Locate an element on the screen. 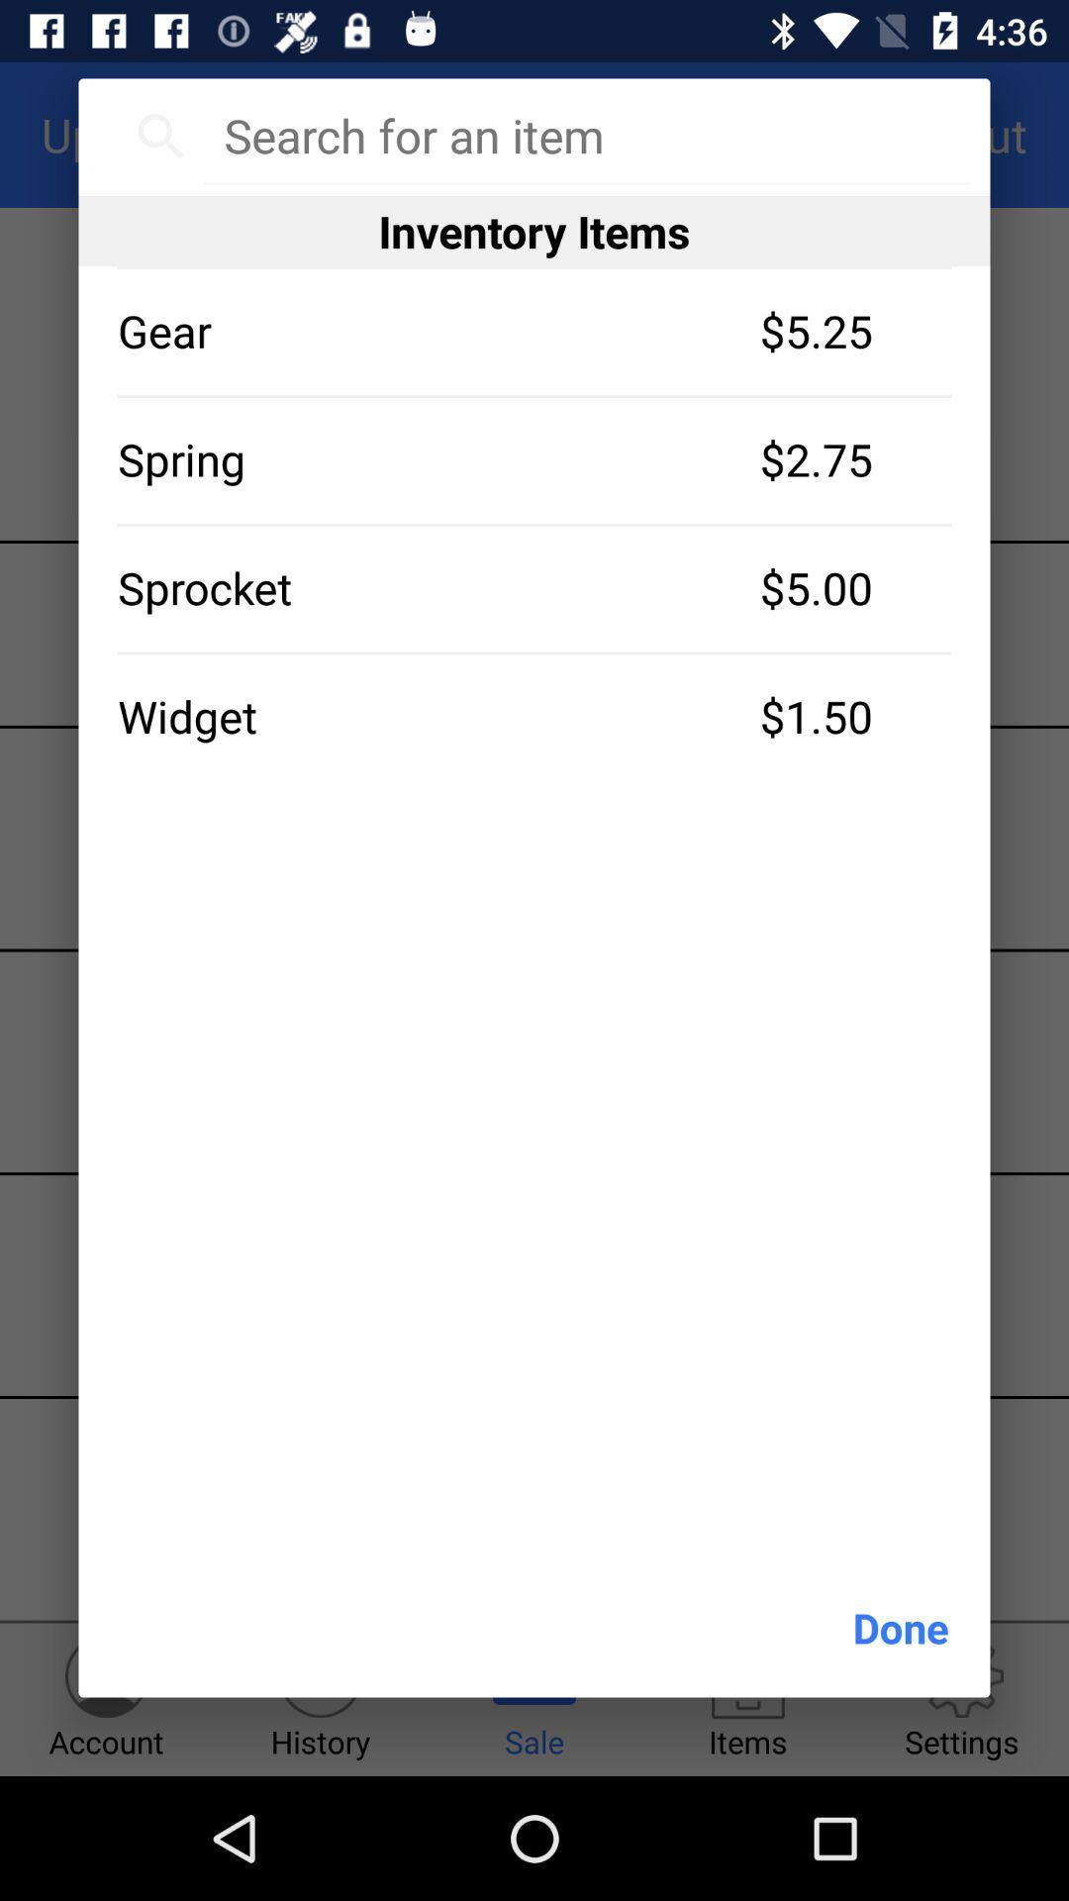 Image resolution: width=1069 pixels, height=1901 pixels. done at the bottom right corner is located at coordinates (901, 1628).